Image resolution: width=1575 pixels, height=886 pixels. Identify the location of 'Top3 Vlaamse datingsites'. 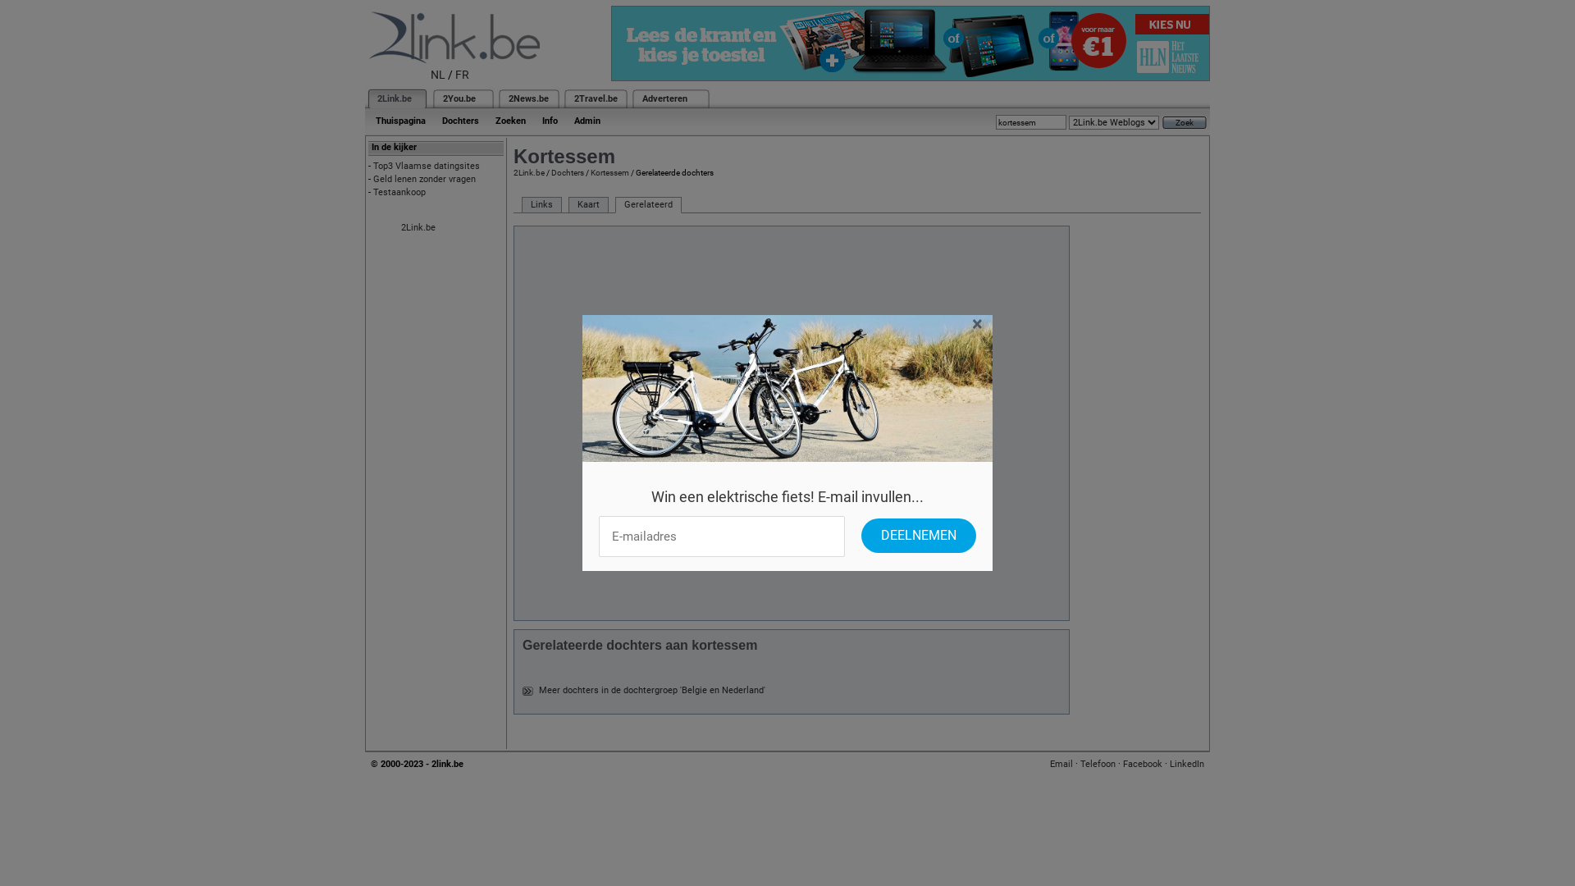
(426, 166).